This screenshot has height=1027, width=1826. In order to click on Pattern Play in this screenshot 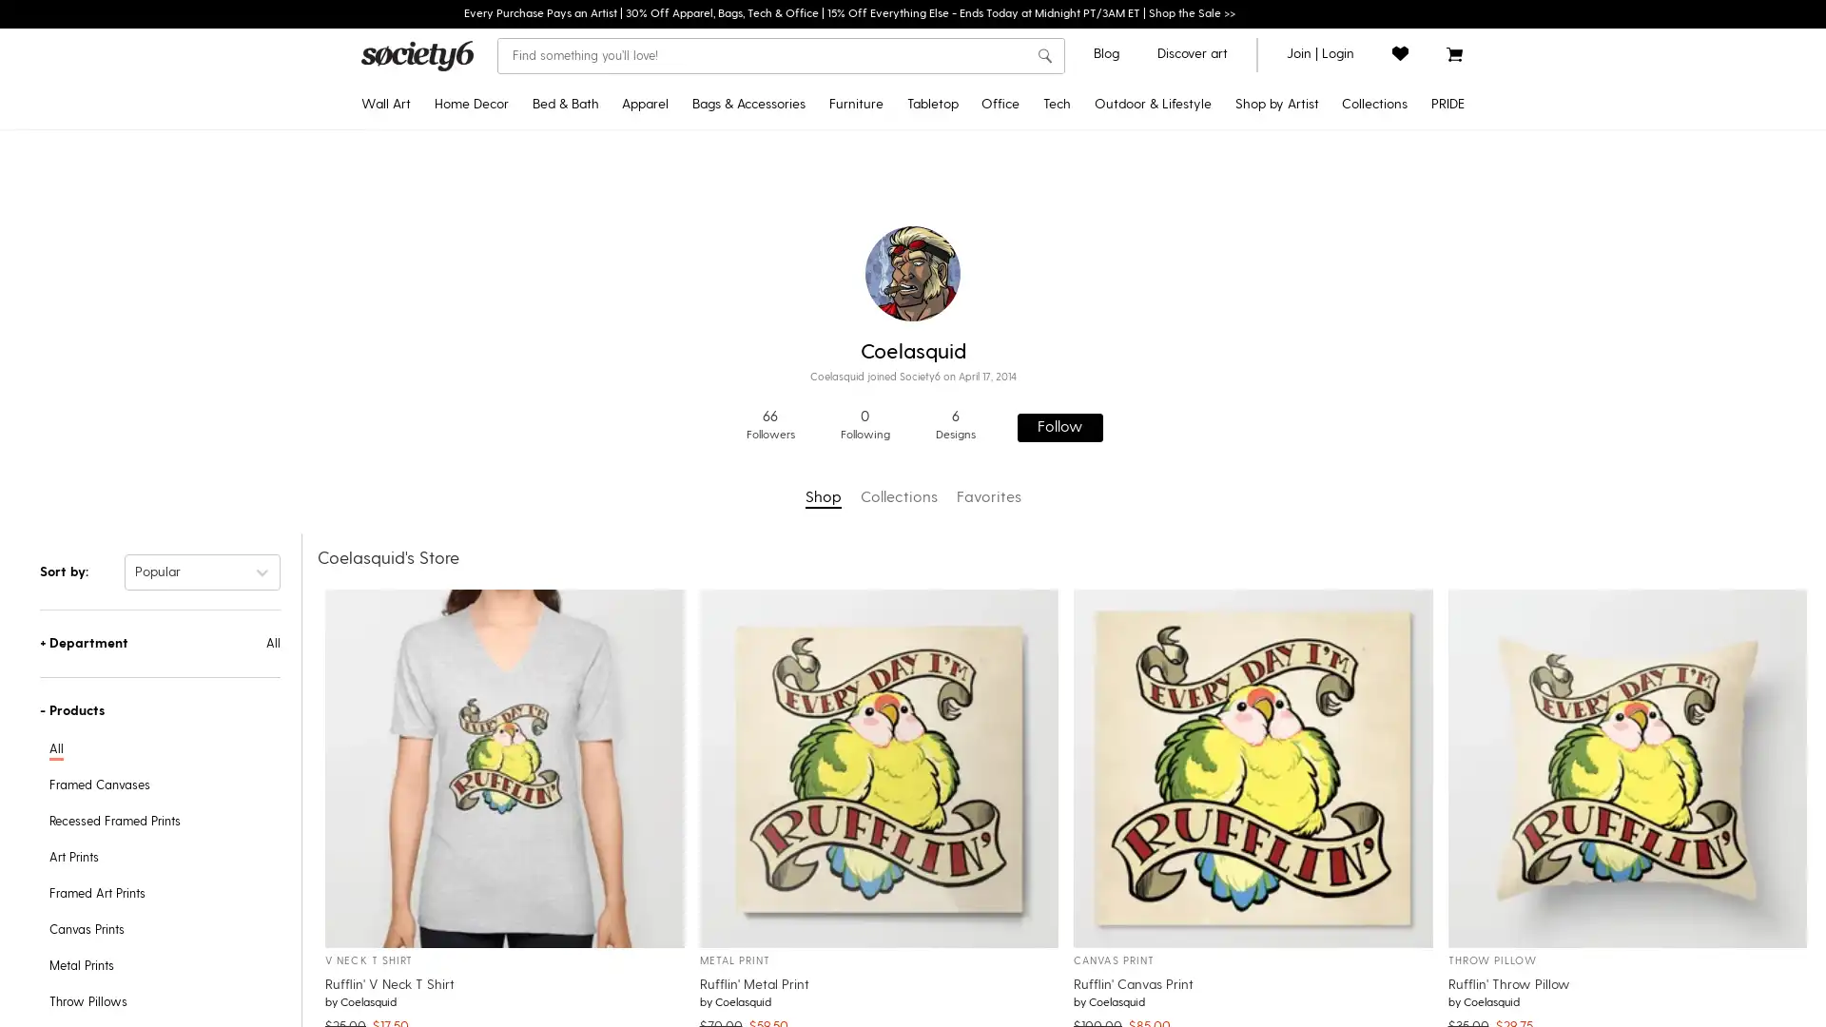, I will do `click(1304, 429)`.